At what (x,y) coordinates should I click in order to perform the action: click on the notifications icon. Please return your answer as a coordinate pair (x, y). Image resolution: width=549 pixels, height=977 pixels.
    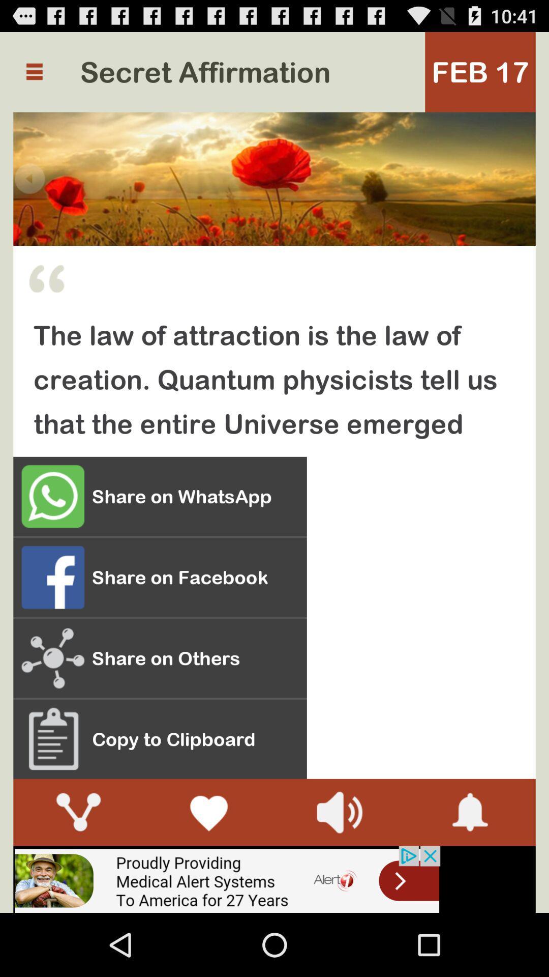
    Looking at the image, I should click on (470, 869).